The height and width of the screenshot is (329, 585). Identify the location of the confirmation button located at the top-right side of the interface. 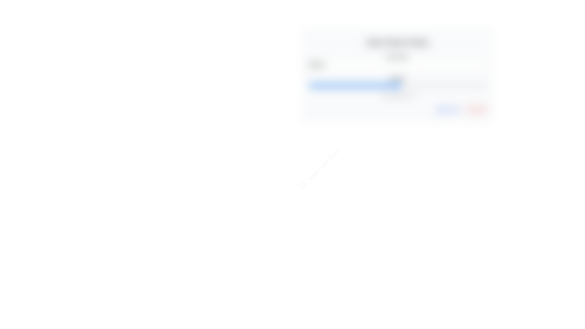
(448, 109).